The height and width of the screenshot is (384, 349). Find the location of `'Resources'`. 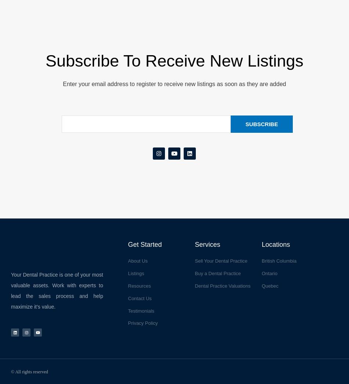

'Resources' is located at coordinates (127, 286).